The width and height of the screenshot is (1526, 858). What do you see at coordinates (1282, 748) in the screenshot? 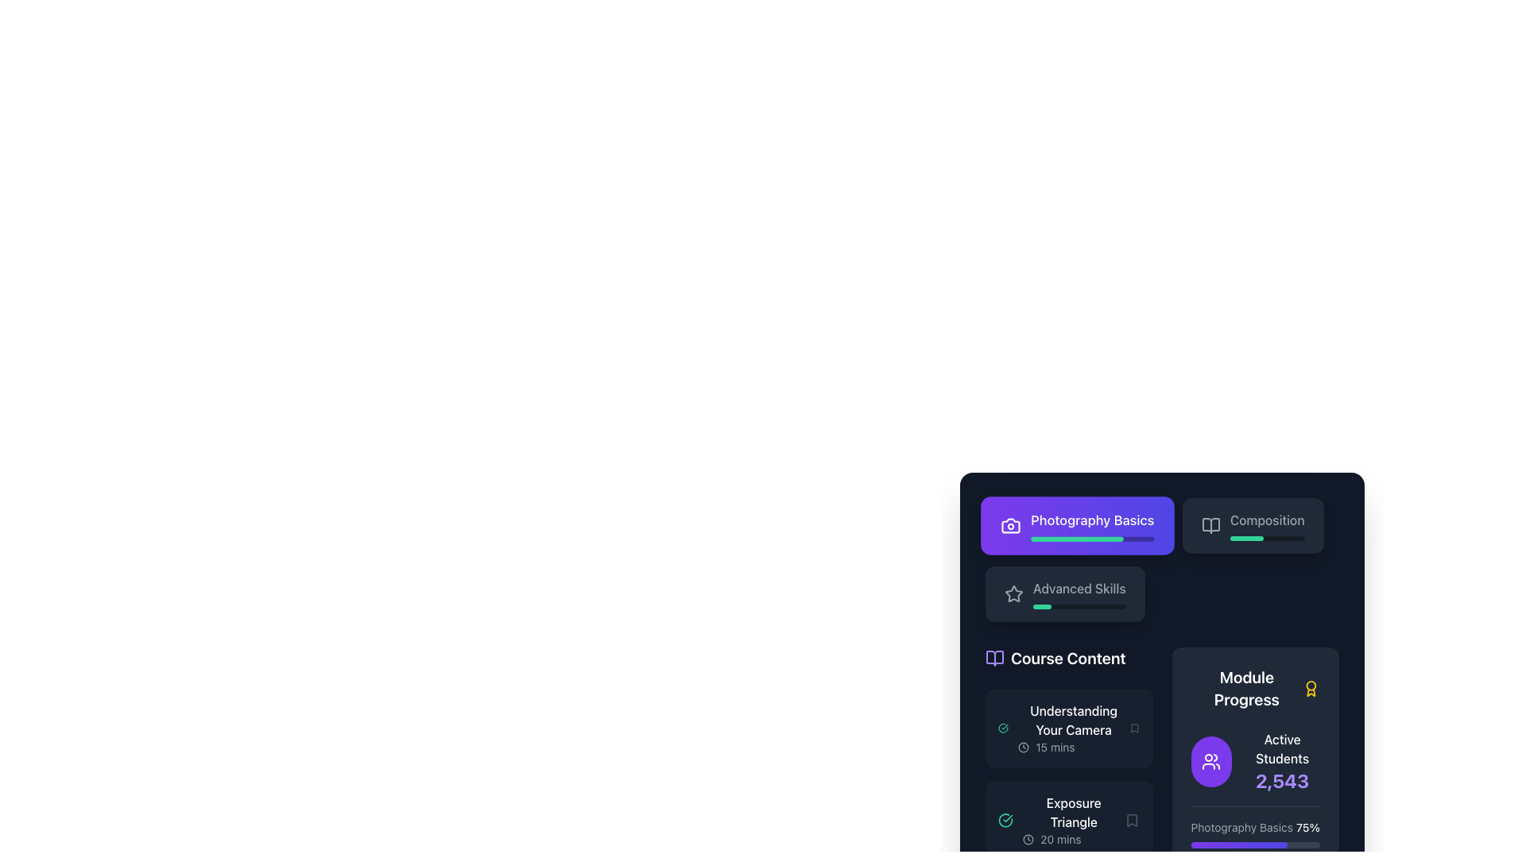
I see `the static text label indicating the title or description of the active students quantity in the 'Module Progress' section` at bounding box center [1282, 748].